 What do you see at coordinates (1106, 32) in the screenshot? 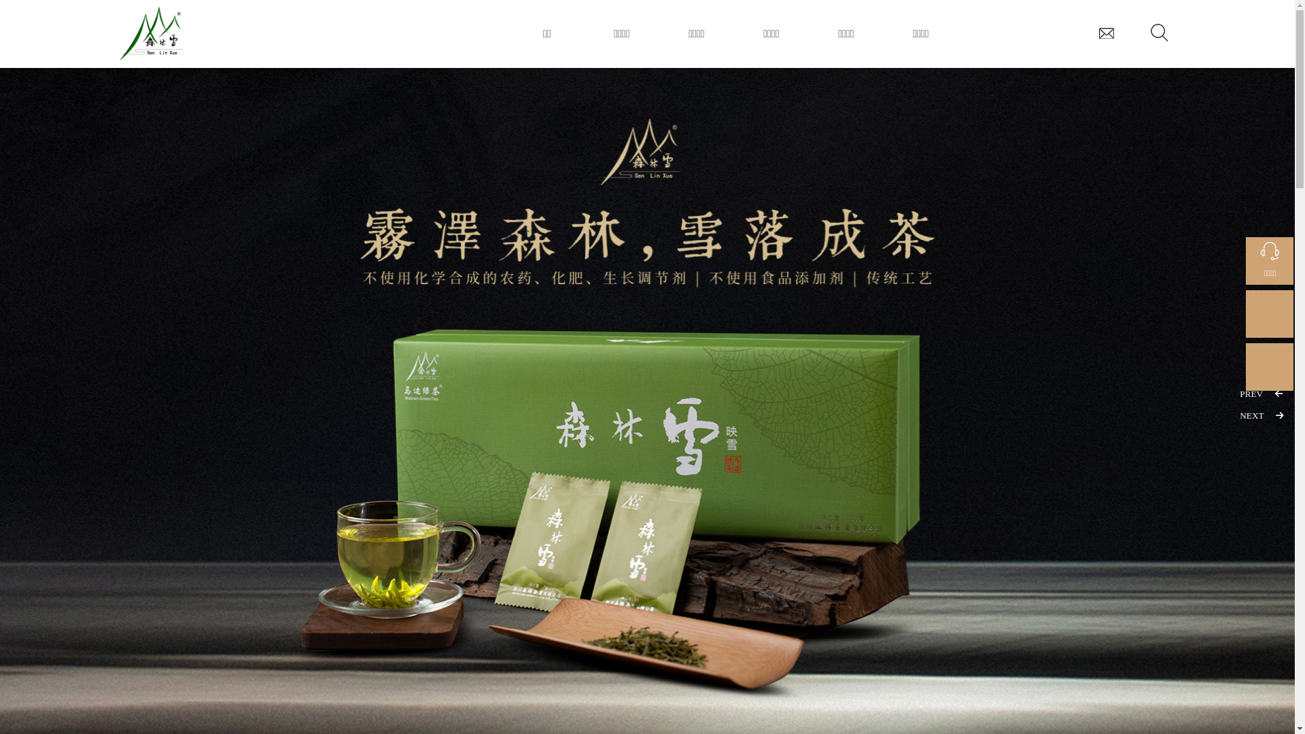
I see `'lsslcy@126.com'` at bounding box center [1106, 32].